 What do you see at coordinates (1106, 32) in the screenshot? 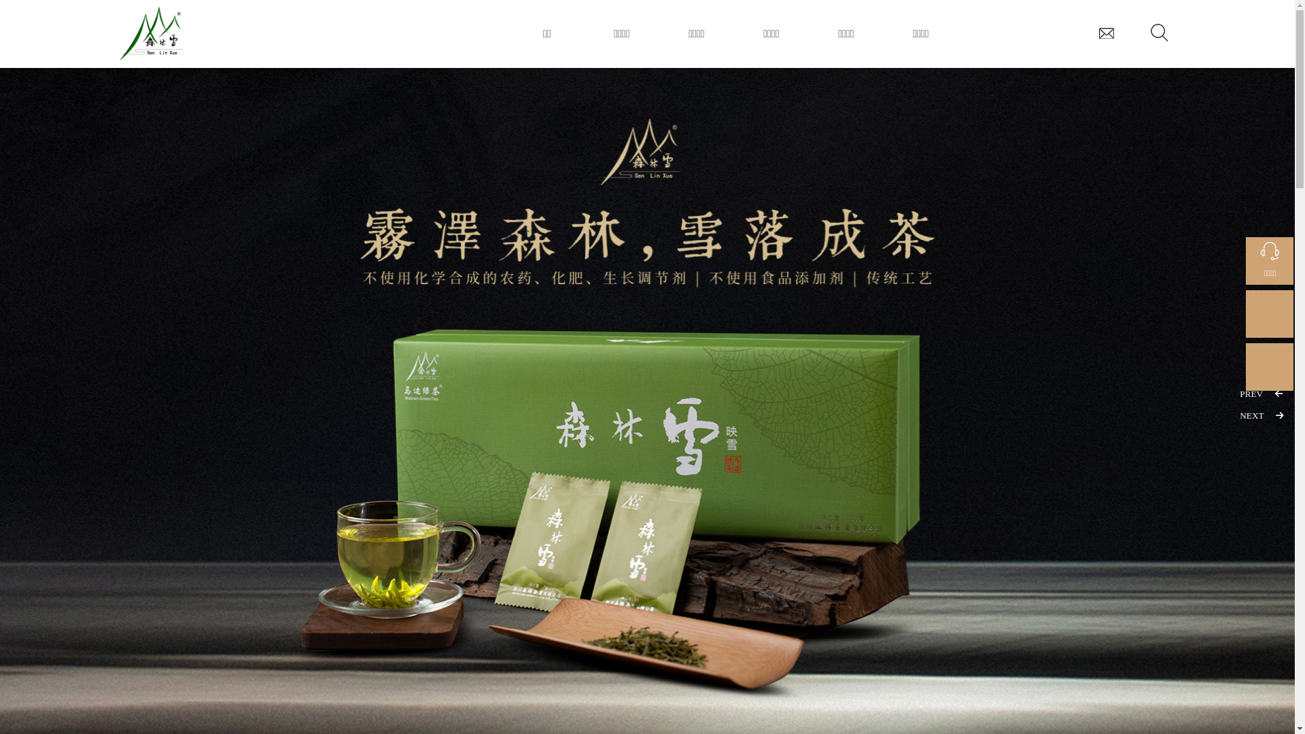
I see `'lsslcy@126.com'` at bounding box center [1106, 32].